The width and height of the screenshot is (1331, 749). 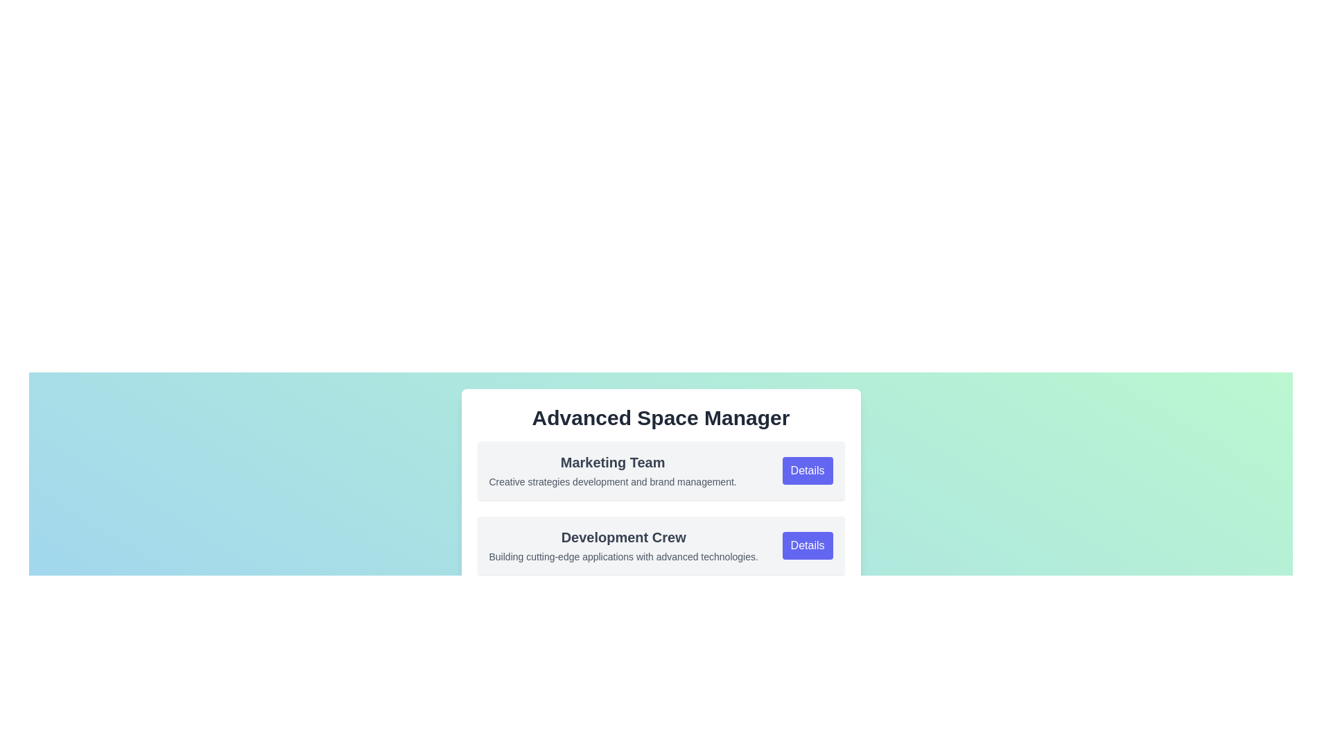 What do you see at coordinates (612, 470) in the screenshot?
I see `the Information Panel displaying details about the 'Marketing Team', located to the left of the 'Details' button` at bounding box center [612, 470].